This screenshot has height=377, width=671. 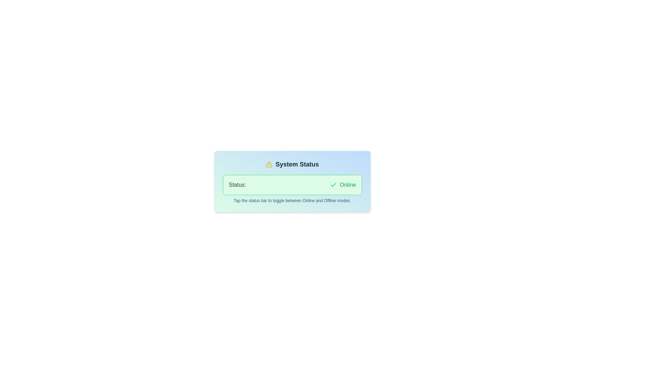 What do you see at coordinates (333, 184) in the screenshot?
I see `the positive status indicator icon located to the left of the 'Online' text within the status card` at bounding box center [333, 184].